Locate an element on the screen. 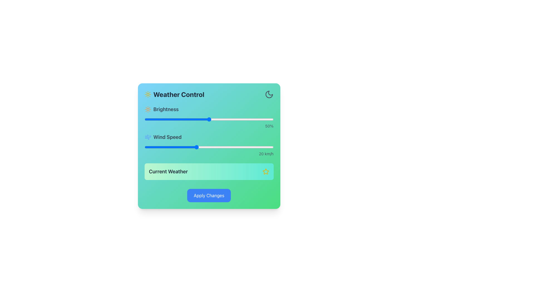  brightness is located at coordinates (206, 119).